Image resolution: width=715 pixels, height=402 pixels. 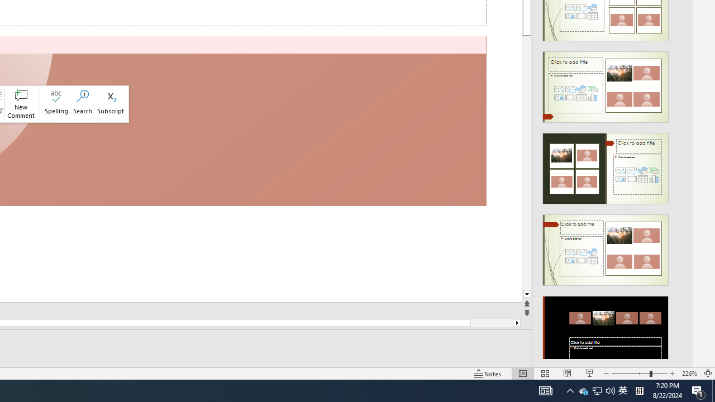 What do you see at coordinates (689, 374) in the screenshot?
I see `'Zoom 226%'` at bounding box center [689, 374].